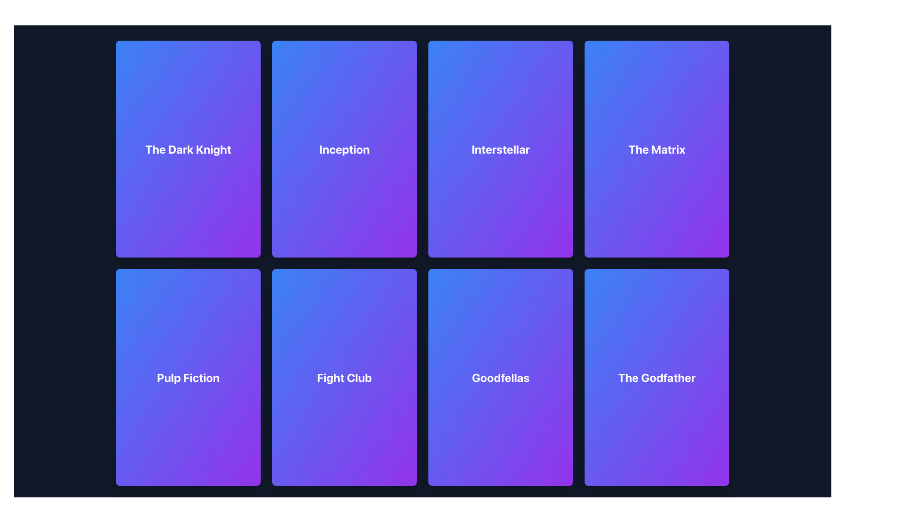 The image size is (920, 517). Describe the element at coordinates (500, 149) in the screenshot. I see `the 'Interstellar' label located in the third card of the first row` at that location.